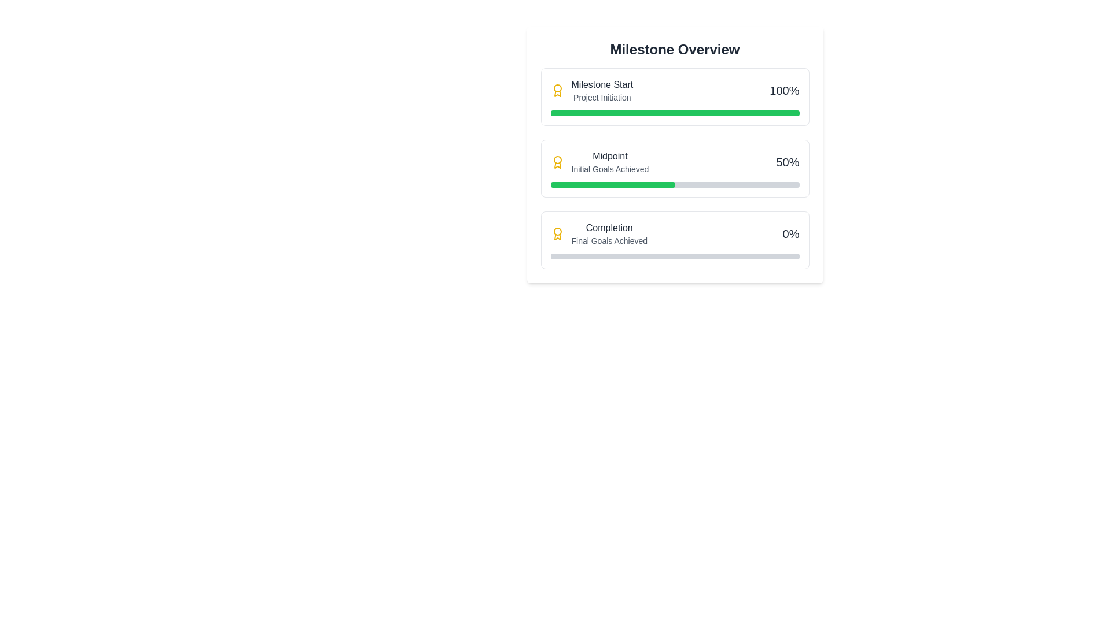 This screenshot has height=624, width=1111. I want to click on the bottom part of the award icon in the milestone progress bar, represented as a graphical vector component within an SVG element, so click(557, 236).